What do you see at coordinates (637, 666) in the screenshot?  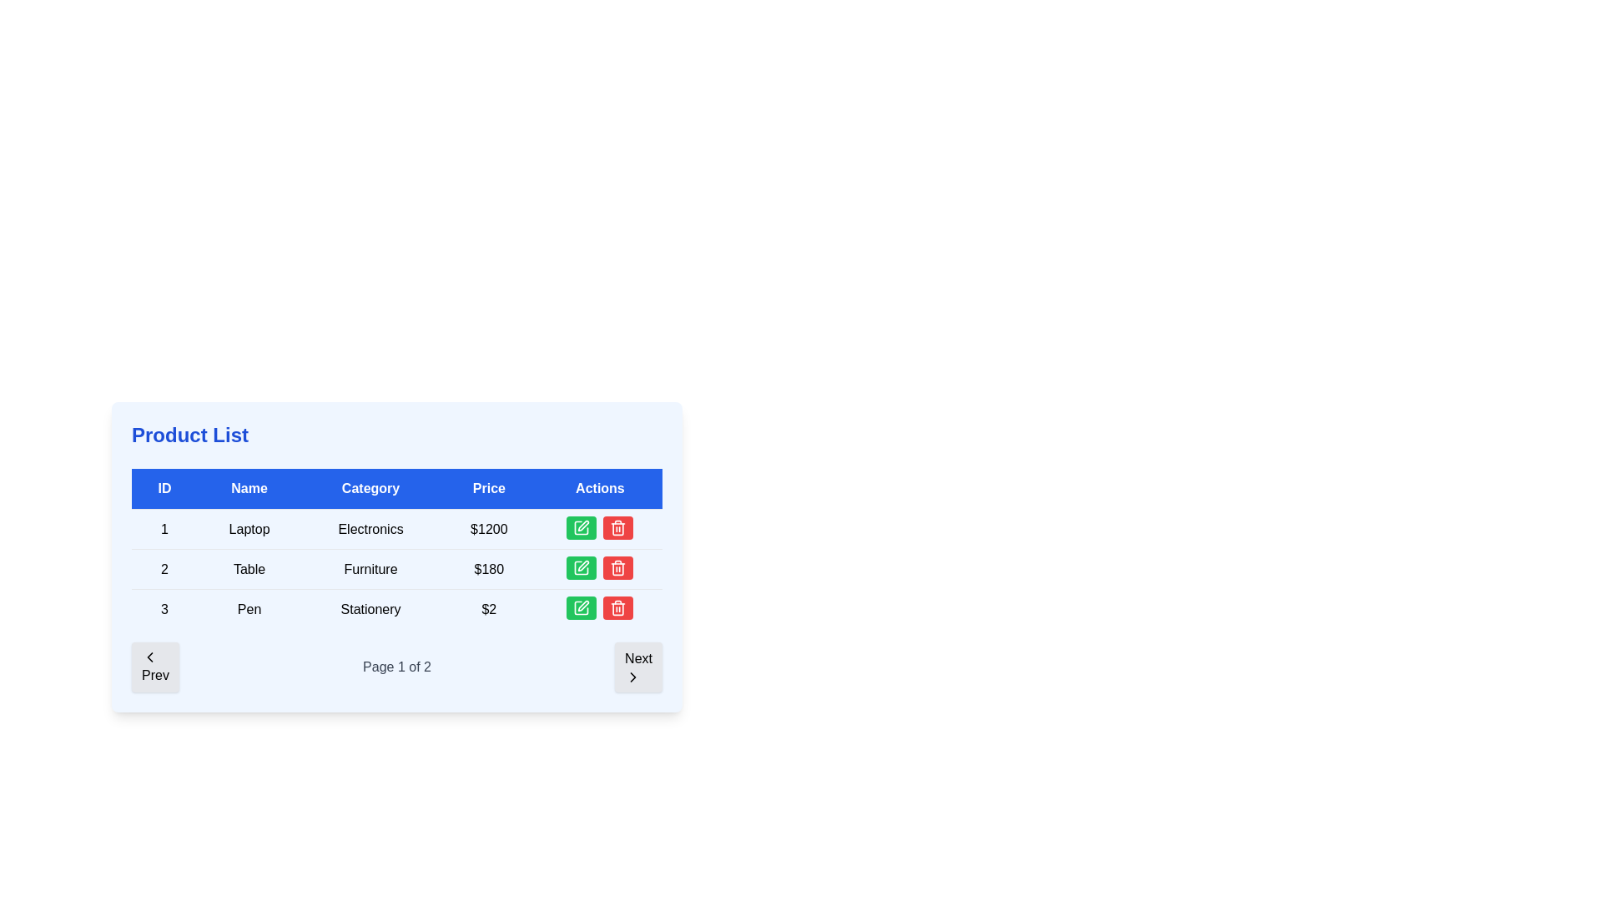 I see `the 'Next' button, which is a rectangular button with a light gray background and contains the text 'Next' in bold along with a right-arrow icon, located on the right side of the navigation bar under a table` at bounding box center [637, 666].